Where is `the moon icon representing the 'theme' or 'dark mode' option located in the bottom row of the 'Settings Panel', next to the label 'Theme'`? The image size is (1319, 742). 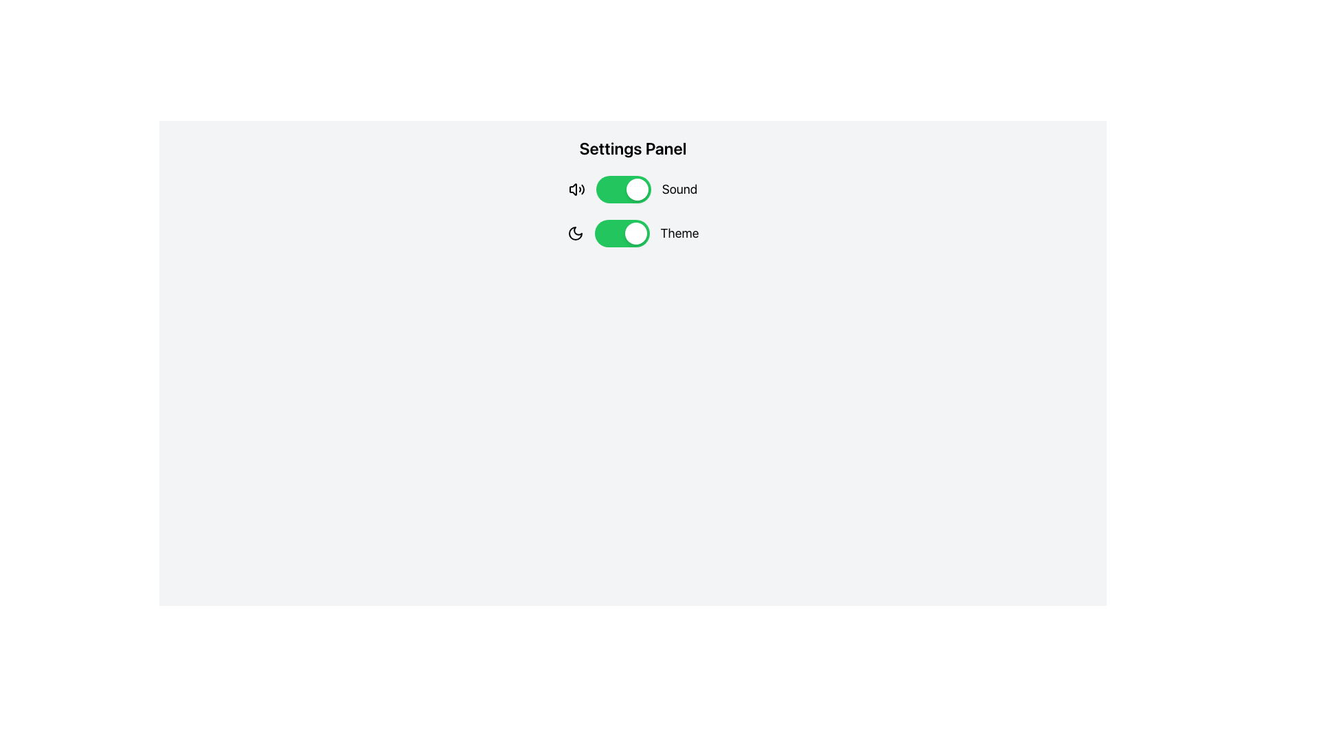 the moon icon representing the 'theme' or 'dark mode' option located in the bottom row of the 'Settings Panel', next to the label 'Theme' is located at coordinates (575, 232).